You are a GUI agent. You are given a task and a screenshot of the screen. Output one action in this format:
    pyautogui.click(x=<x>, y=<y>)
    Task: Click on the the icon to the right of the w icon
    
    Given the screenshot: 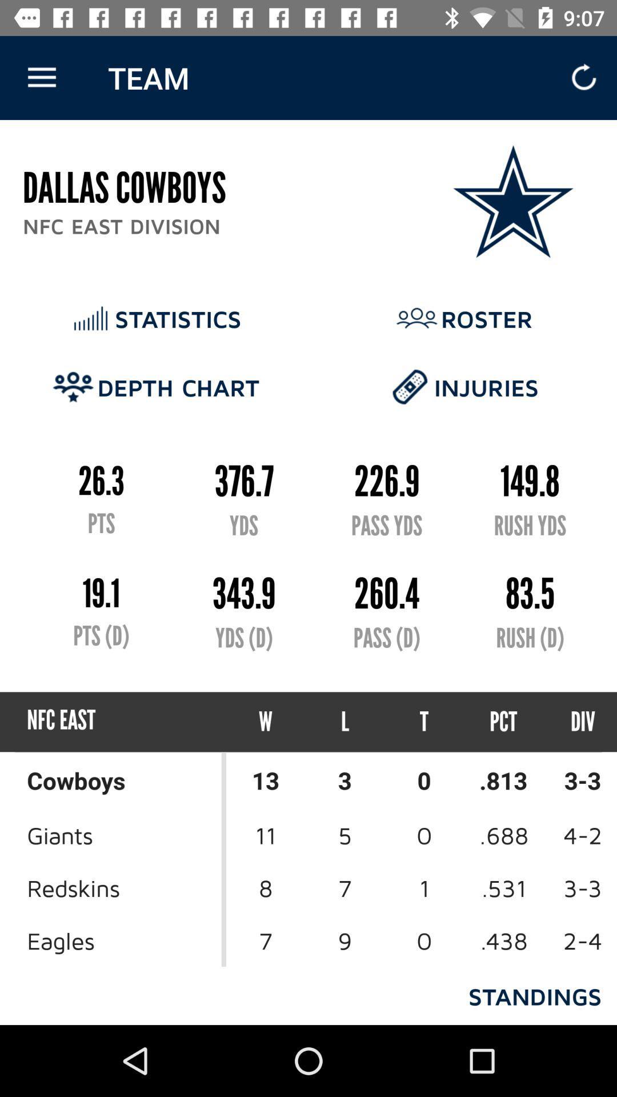 What is the action you would take?
    pyautogui.click(x=344, y=721)
    